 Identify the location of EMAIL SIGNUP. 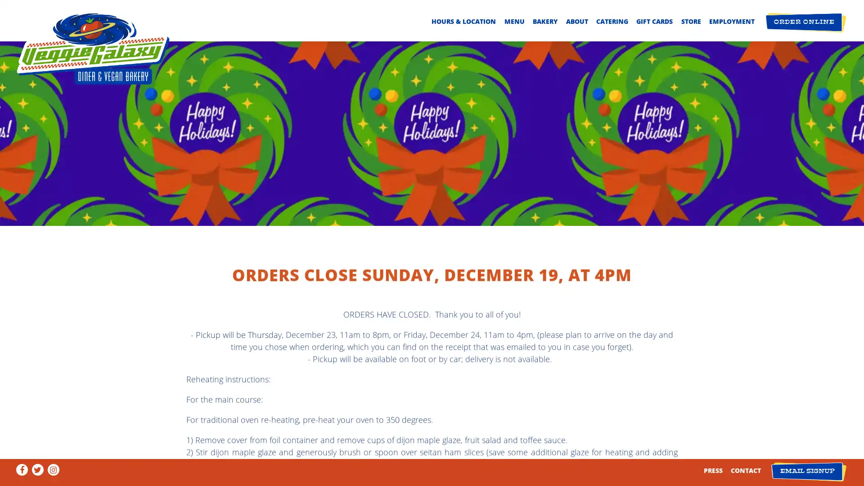
(808, 471).